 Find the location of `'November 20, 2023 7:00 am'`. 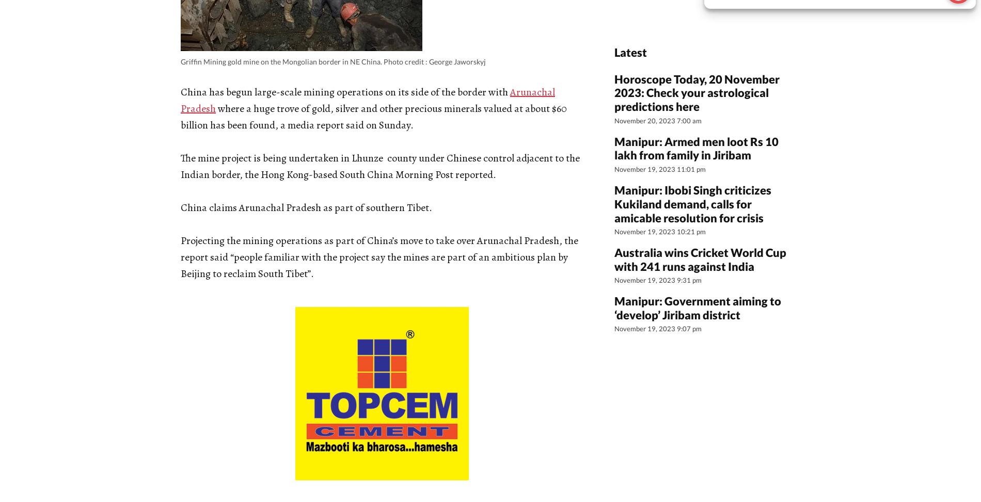

'November 20, 2023 7:00 am' is located at coordinates (657, 120).